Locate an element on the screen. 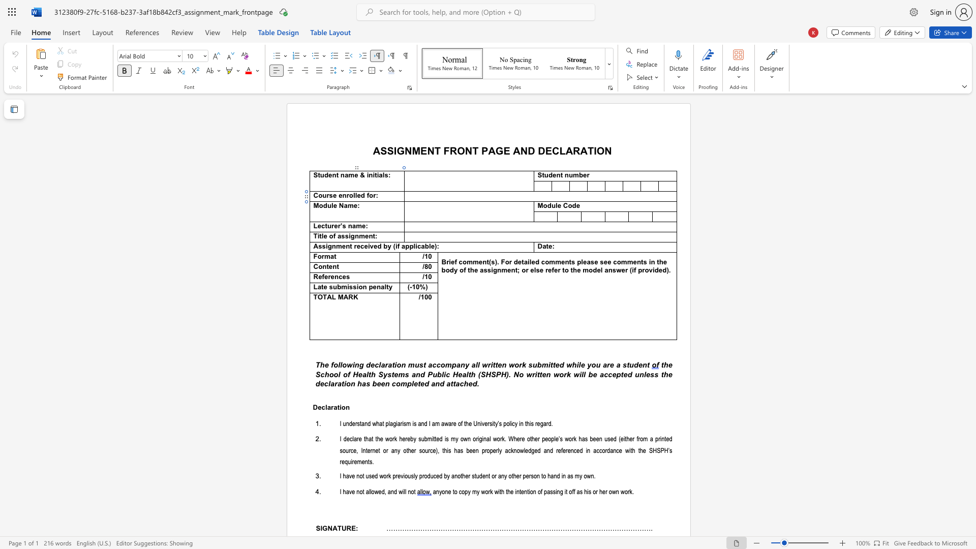 This screenshot has width=976, height=549. the space between the continuous character "f" and "e" in the text is located at coordinates (324, 277).